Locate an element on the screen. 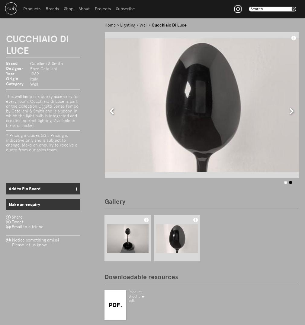 This screenshot has height=325, width=305. 'Notice something amiss?' is located at coordinates (35, 239).